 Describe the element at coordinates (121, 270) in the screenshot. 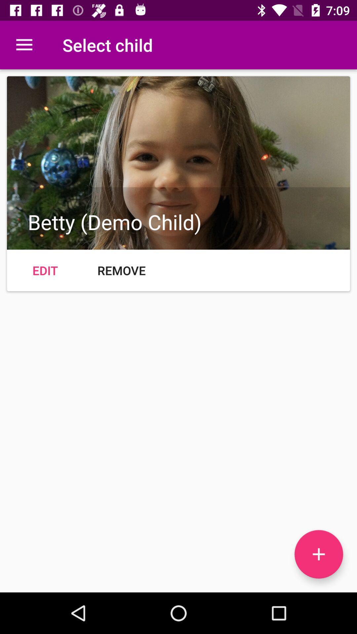

I see `icon at the center` at that location.